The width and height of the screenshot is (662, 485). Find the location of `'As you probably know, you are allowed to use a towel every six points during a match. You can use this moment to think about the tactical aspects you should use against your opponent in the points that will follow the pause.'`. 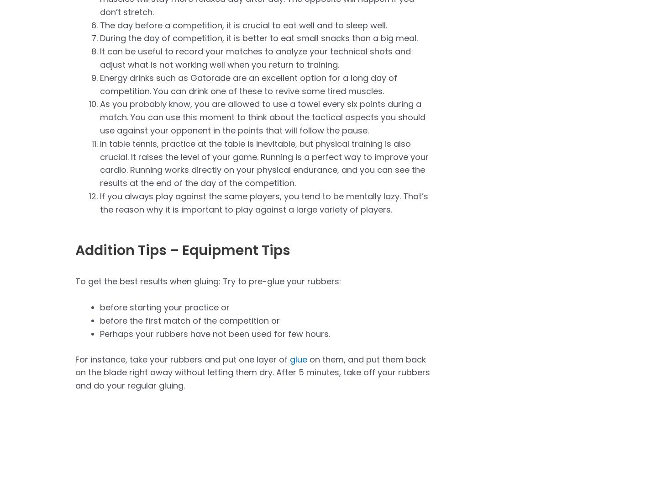

'As you probably know, you are allowed to use a towel every six points during a match. You can use this moment to think about the tactical aspects you should use against your opponent in the points that will follow the pause.' is located at coordinates (263, 117).